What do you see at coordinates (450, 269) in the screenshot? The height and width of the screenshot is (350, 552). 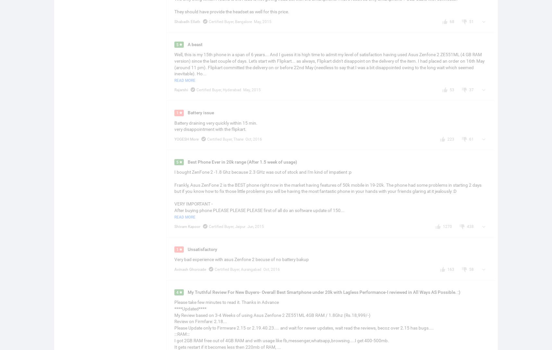 I see `'163'` at bounding box center [450, 269].